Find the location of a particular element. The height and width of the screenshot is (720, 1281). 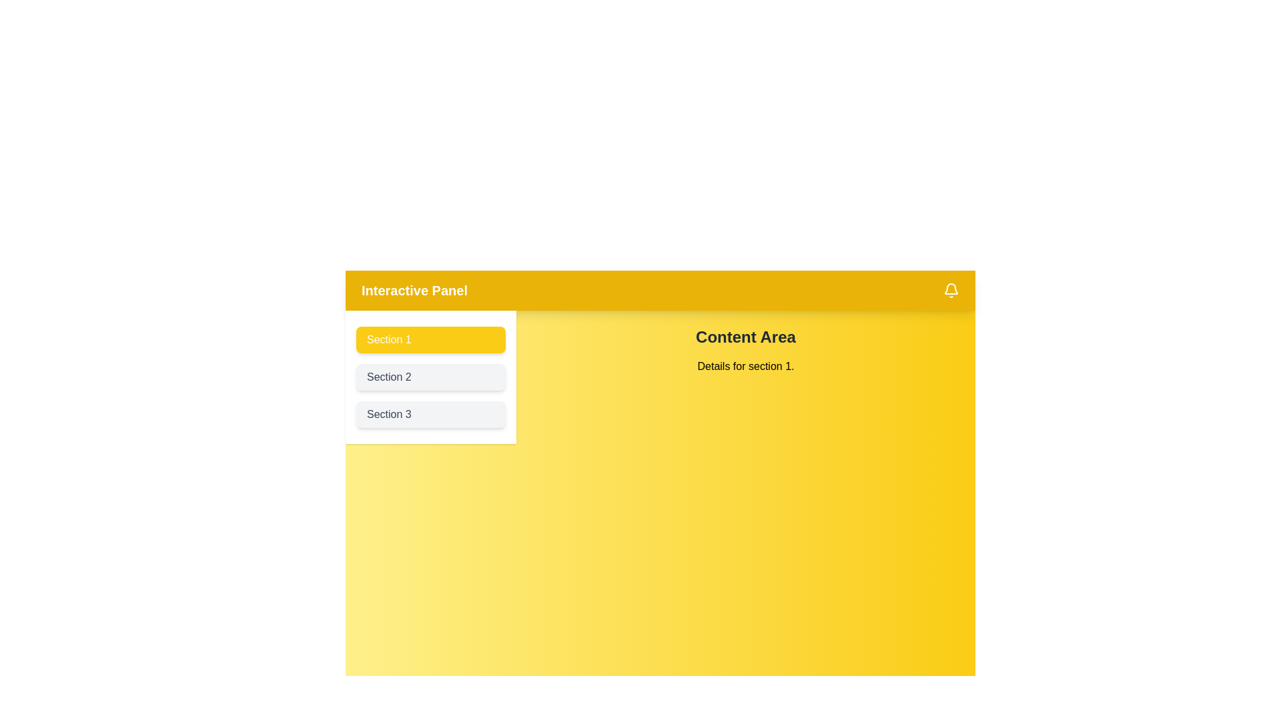

the notification indicator icon located in the top-right corner of the yellow header bar labeled 'Interactive Panel' is located at coordinates (950, 289).